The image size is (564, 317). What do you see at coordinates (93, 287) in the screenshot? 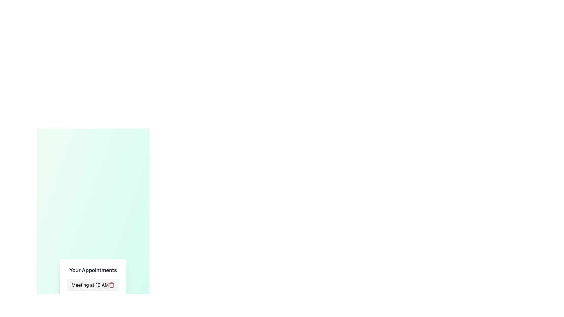
I see `the meeting schedule text 'Meeting at 10 AM' in the card component titled 'Your Appointments'` at bounding box center [93, 287].